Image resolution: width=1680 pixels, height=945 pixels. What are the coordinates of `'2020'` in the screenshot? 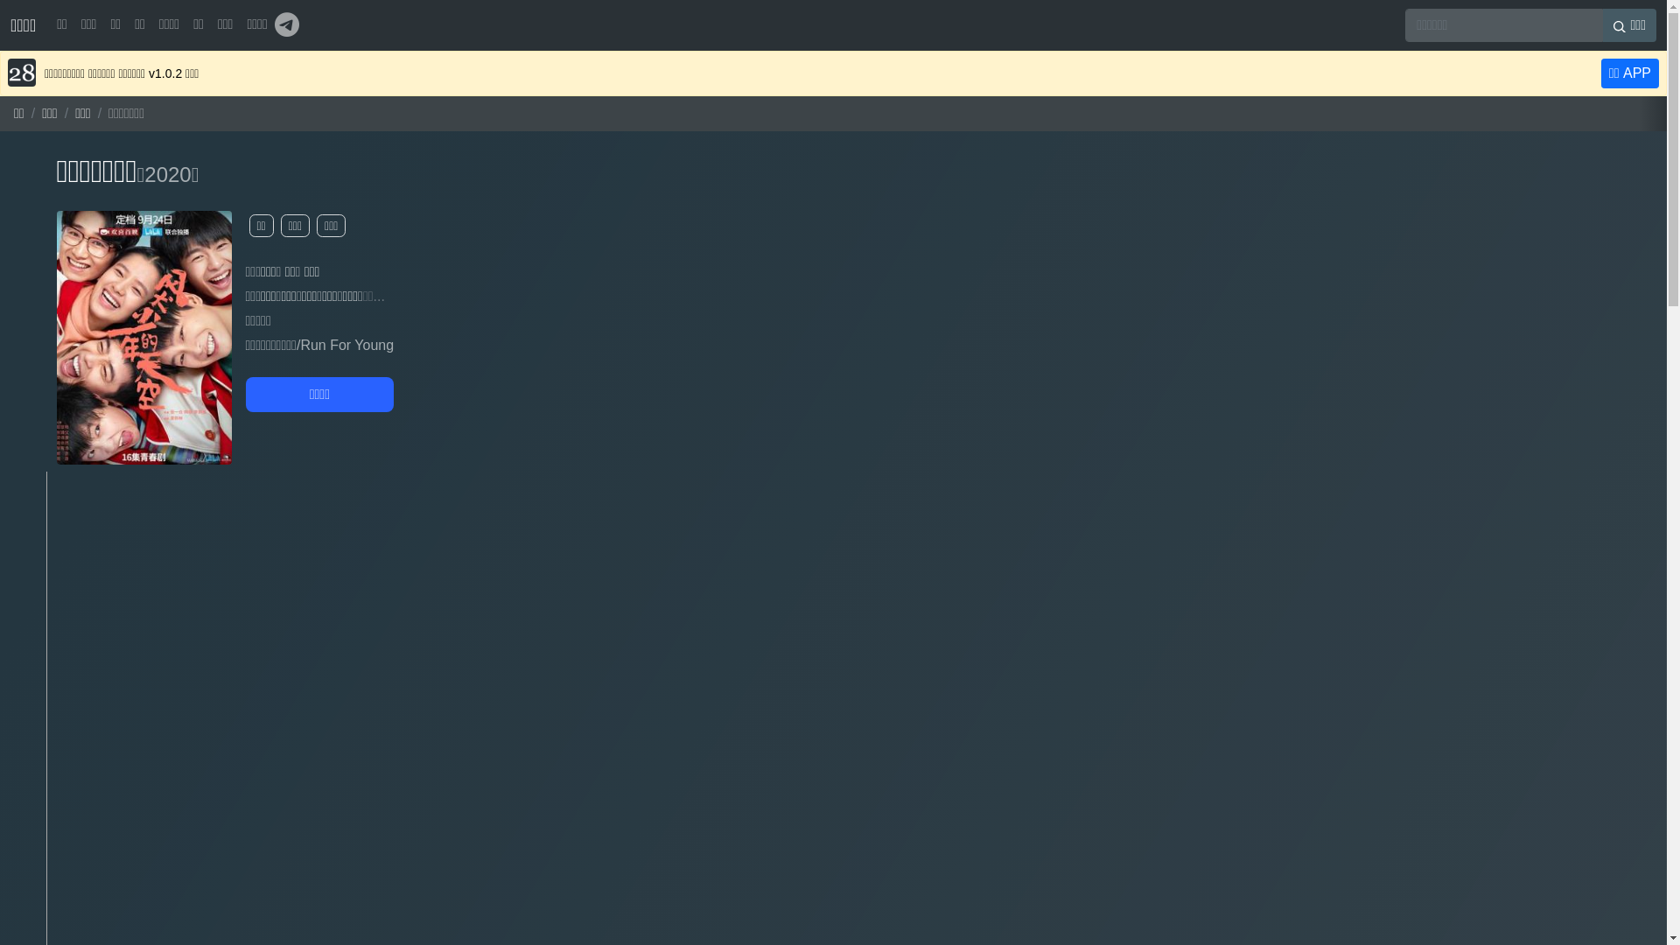 It's located at (143, 174).